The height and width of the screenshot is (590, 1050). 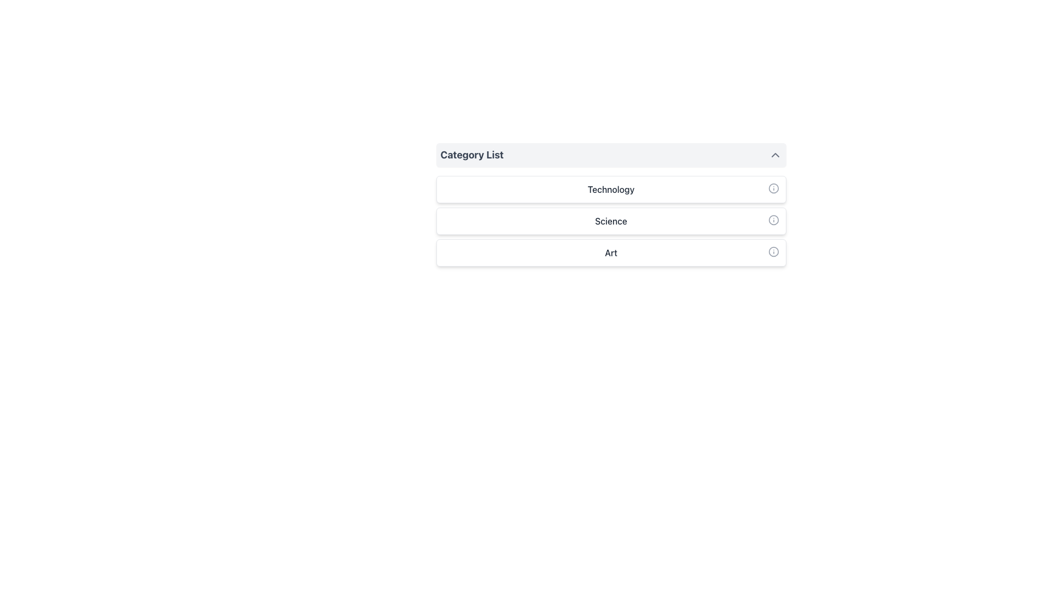 I want to click on the info icon located at the top-right corner of the 'Science' card, which provides additional information when hovered over, so click(x=773, y=220).